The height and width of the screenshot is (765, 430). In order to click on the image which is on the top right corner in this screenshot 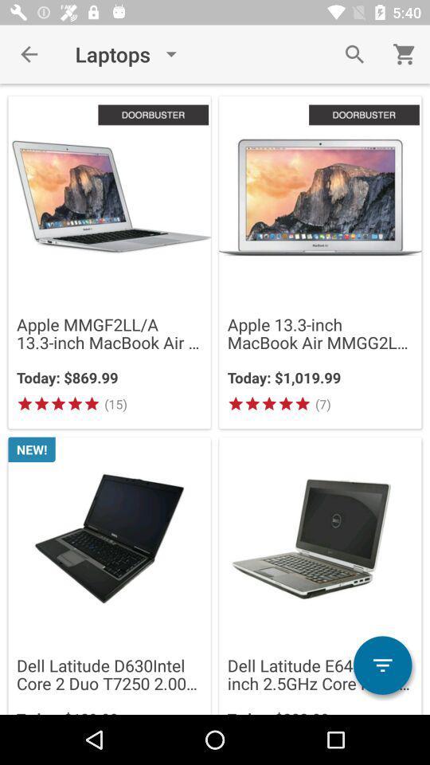, I will do `click(320, 196)`.